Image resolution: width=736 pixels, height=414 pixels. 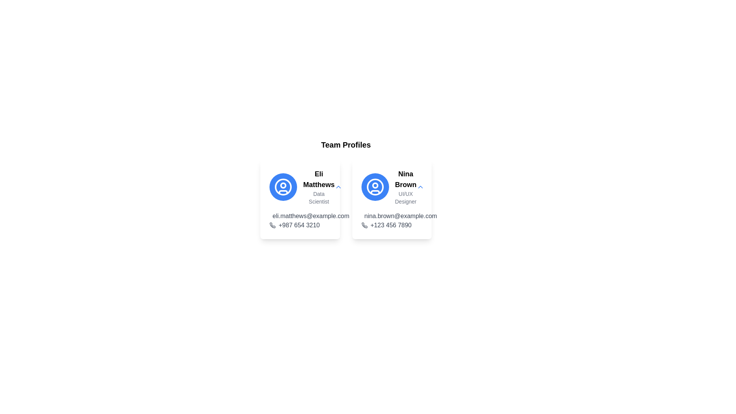 What do you see at coordinates (420, 187) in the screenshot?
I see `the button located in the top-right section of Nina Brown's profile card` at bounding box center [420, 187].